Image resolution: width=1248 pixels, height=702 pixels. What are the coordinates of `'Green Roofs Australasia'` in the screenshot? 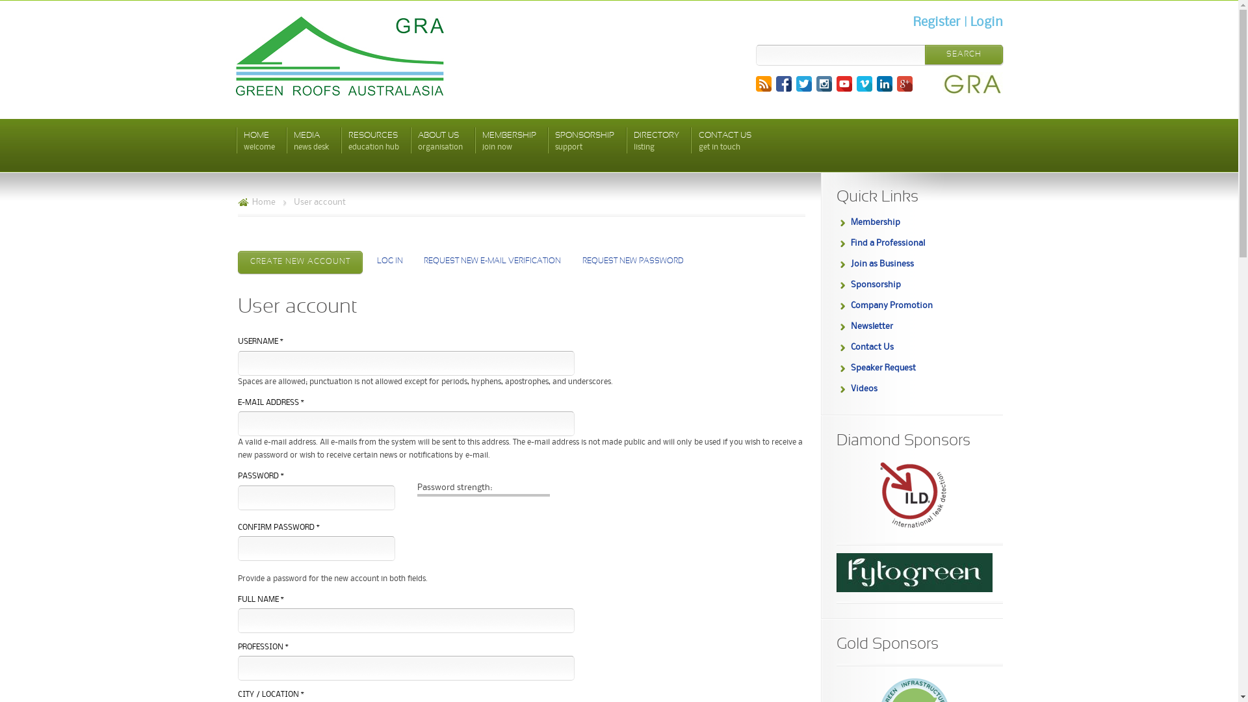 It's located at (339, 55).